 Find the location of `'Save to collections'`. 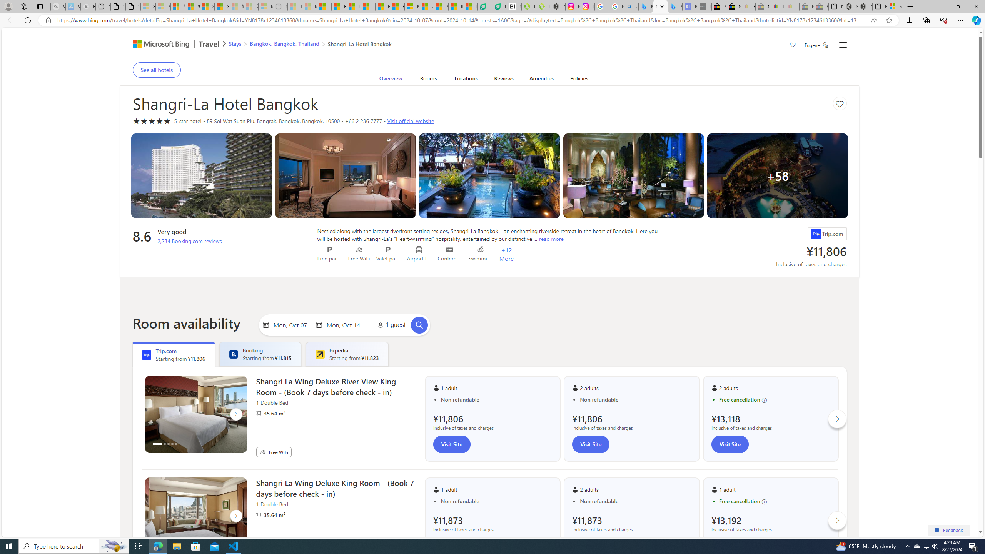

'Save to collections' is located at coordinates (839, 103).